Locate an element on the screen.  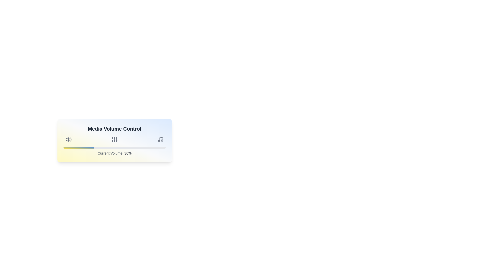
the settings adjustment icon located at the center of the control panel is located at coordinates (114, 139).